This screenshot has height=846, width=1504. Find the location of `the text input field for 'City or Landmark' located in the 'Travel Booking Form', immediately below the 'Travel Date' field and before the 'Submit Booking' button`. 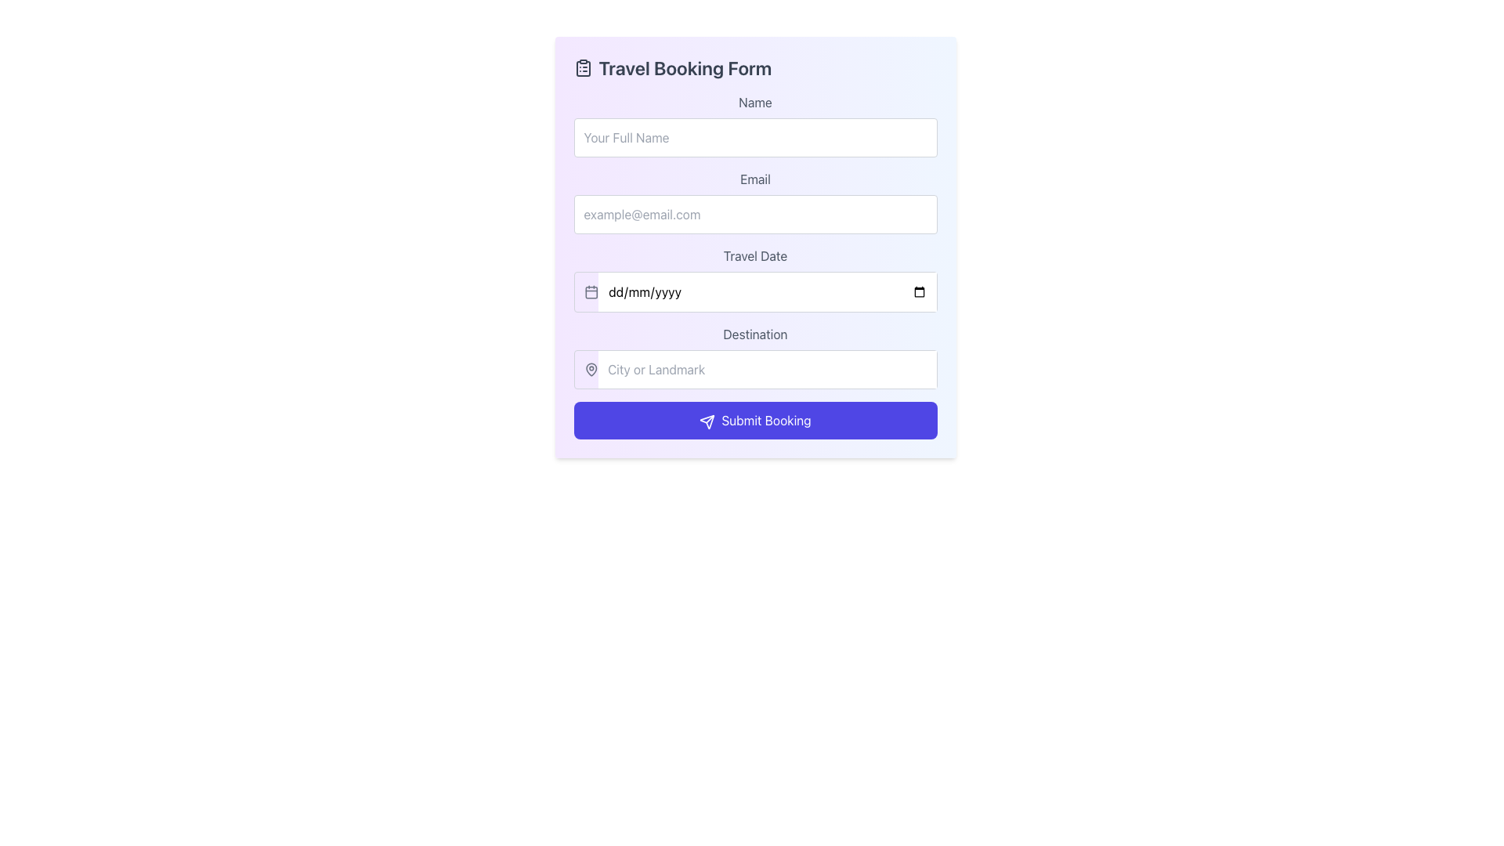

the text input field for 'City or Landmark' located in the 'Travel Booking Form', immediately below the 'Travel Date' field and before the 'Submit Booking' button is located at coordinates (755, 369).